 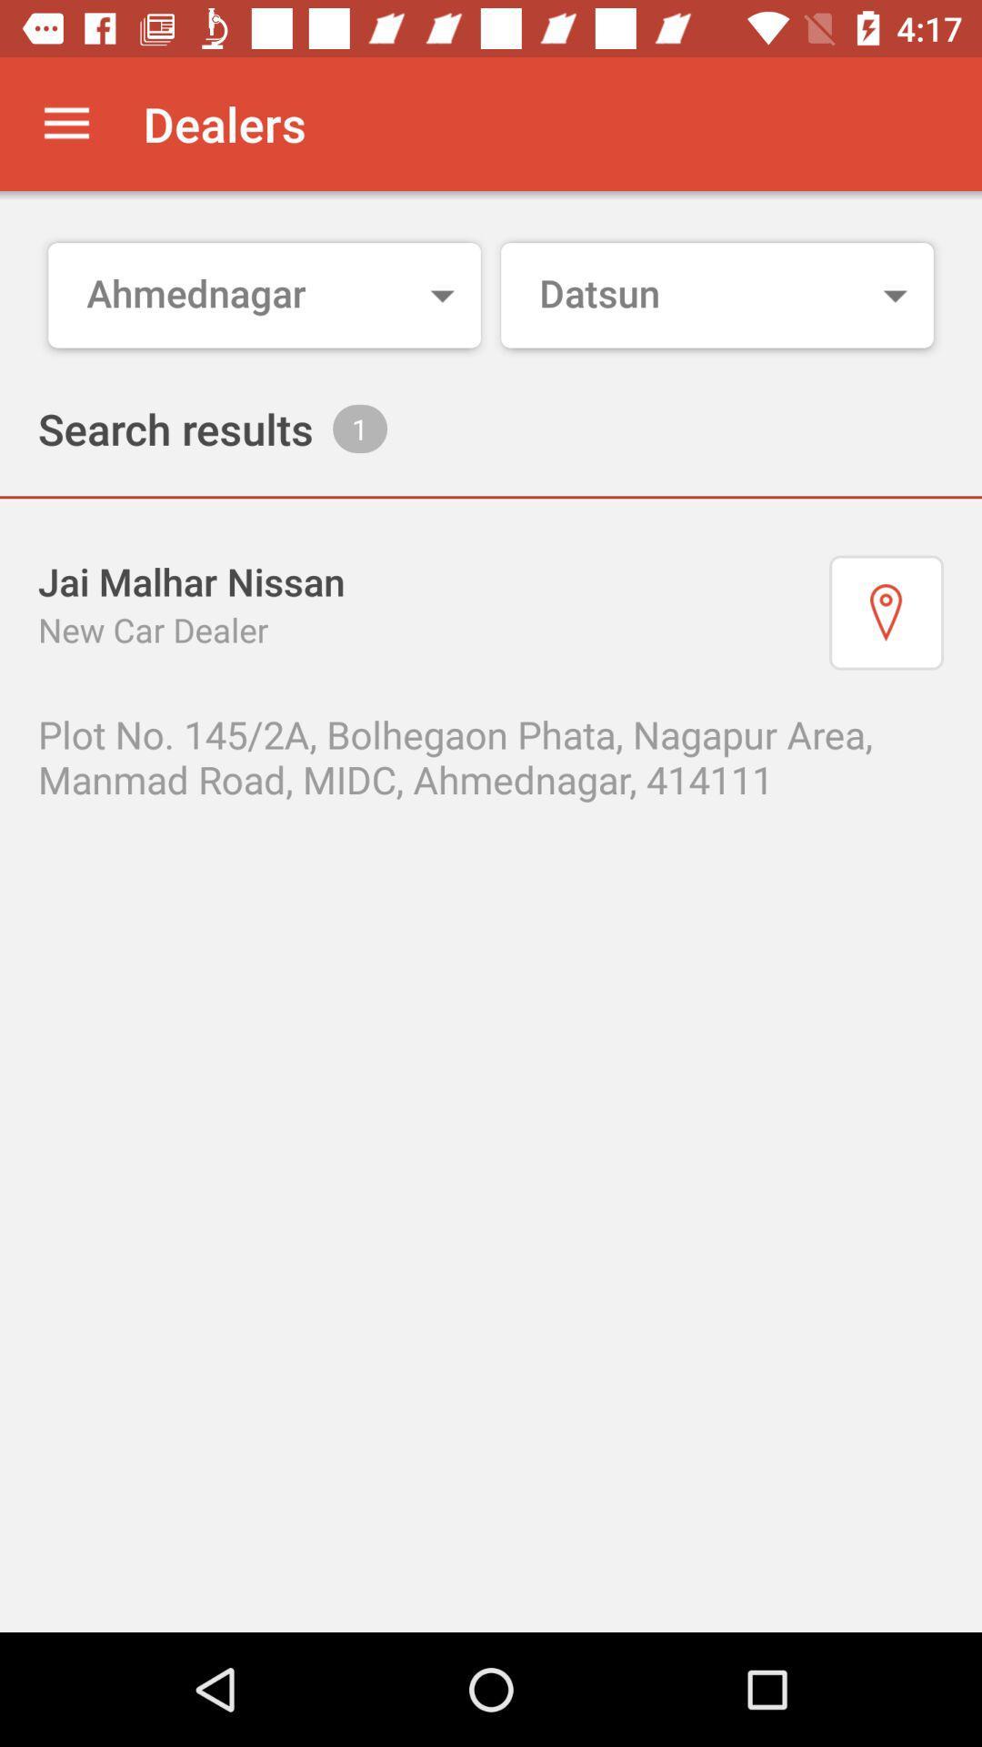 What do you see at coordinates (886, 612) in the screenshot?
I see `item above the plot no 145` at bounding box center [886, 612].